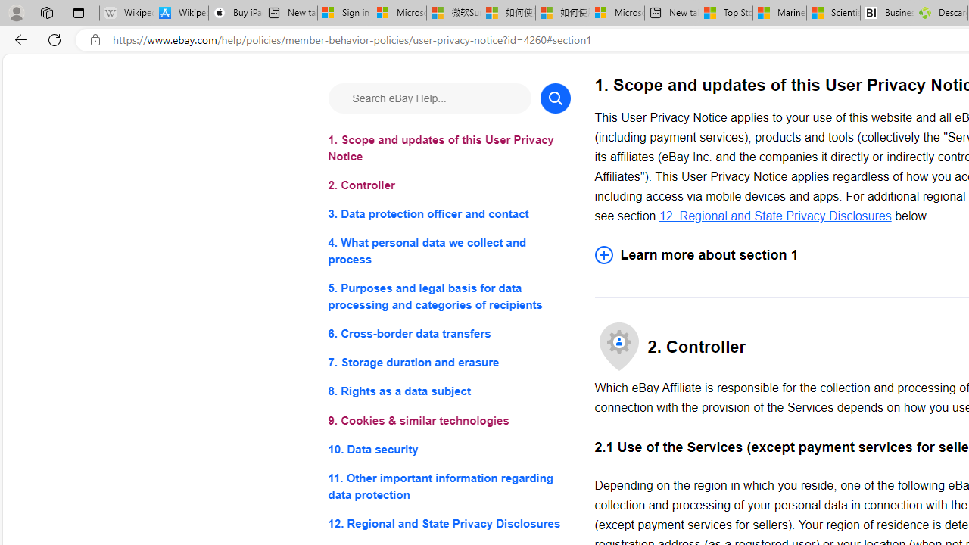  Describe the element at coordinates (448, 363) in the screenshot. I see `'7. Storage duration and erasure'` at that location.